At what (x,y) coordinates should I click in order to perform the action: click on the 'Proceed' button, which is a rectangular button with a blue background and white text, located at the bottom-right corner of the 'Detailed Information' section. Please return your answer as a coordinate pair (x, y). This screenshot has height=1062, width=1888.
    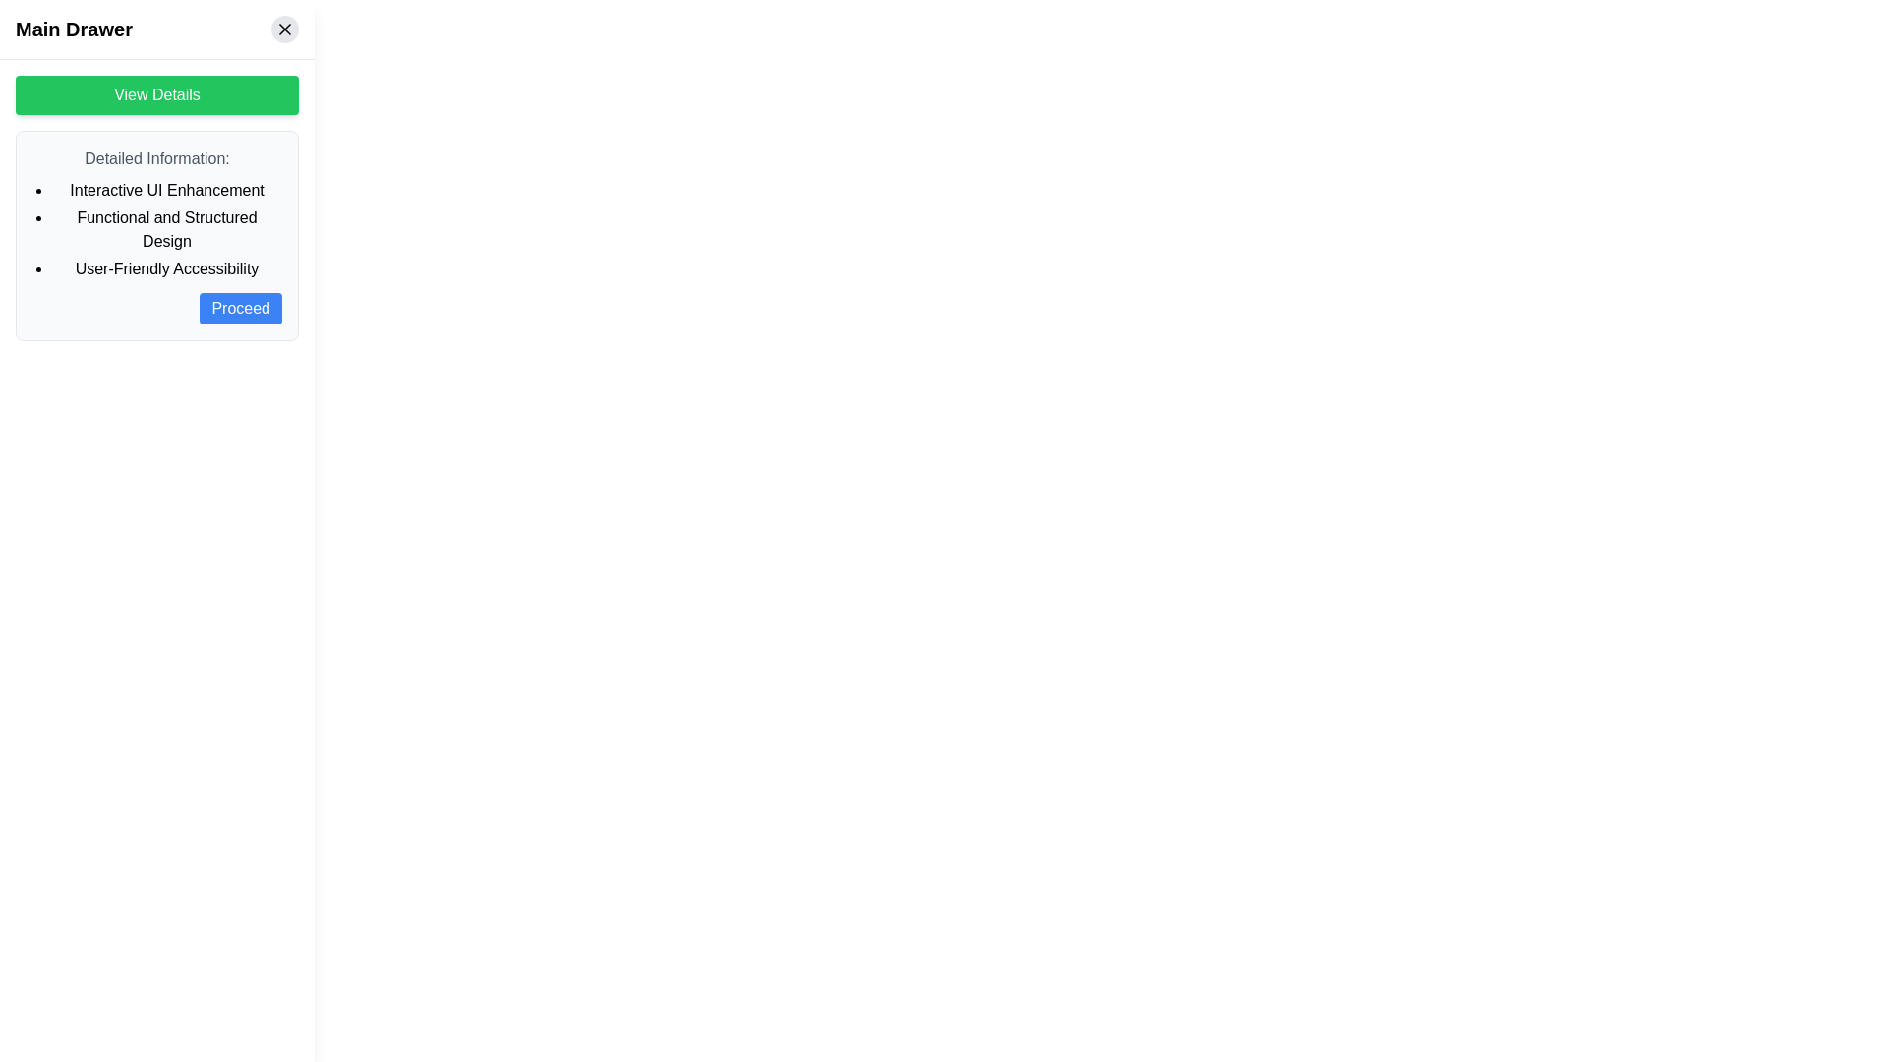
    Looking at the image, I should click on (239, 308).